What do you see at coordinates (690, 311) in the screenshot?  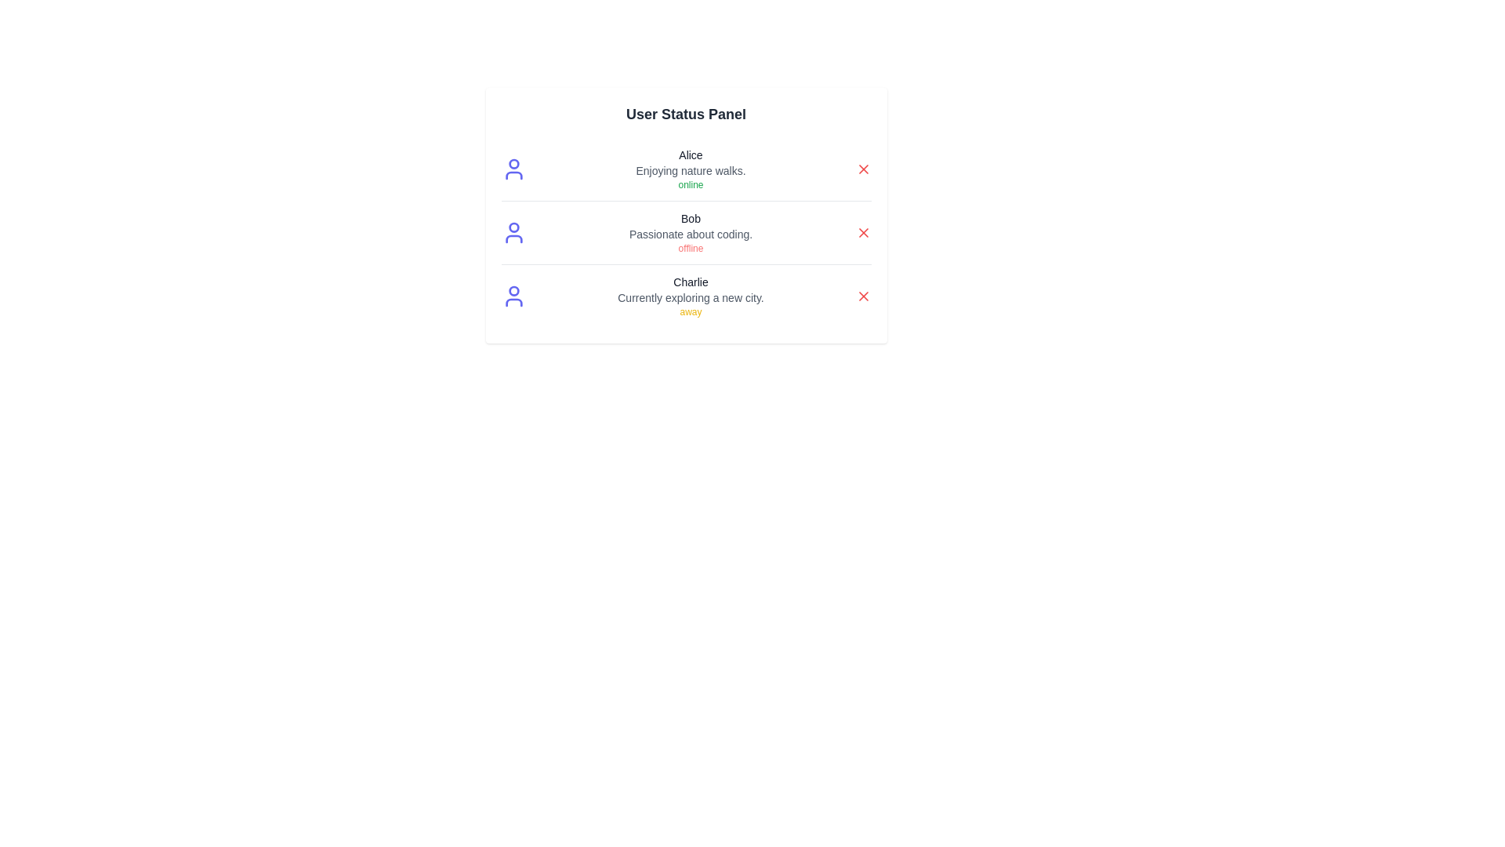 I see `the status indicator text label for user 'Charlie', which shows the current state or availability, located under the text 'Currently exploring a new city.' in the 'User Status Panel'` at bounding box center [690, 311].